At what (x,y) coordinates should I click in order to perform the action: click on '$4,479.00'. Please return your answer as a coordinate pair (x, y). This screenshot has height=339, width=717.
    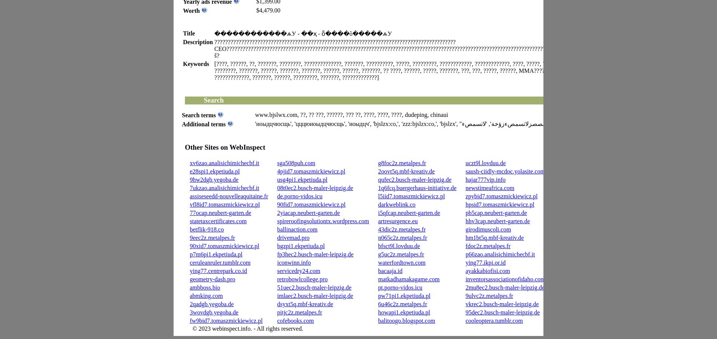
    Looking at the image, I should click on (256, 9).